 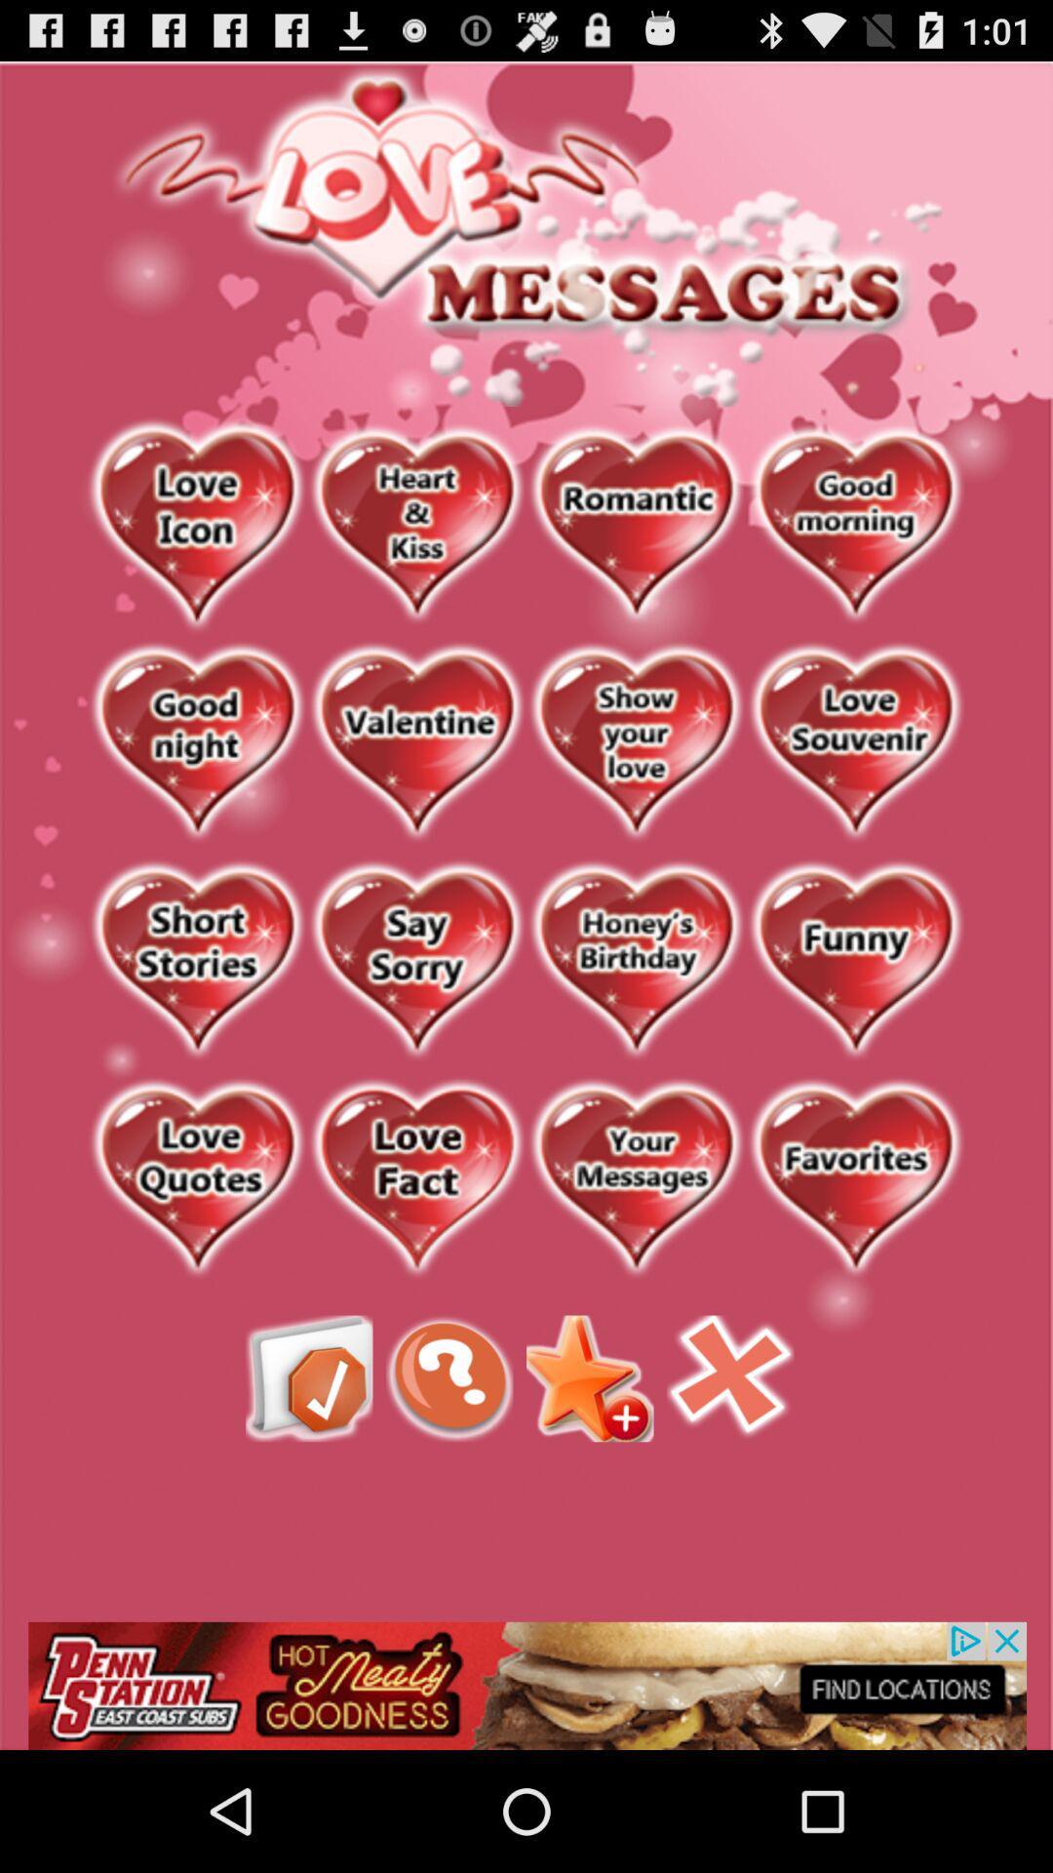 What do you see at coordinates (415, 1178) in the screenshot?
I see `advertisement` at bounding box center [415, 1178].